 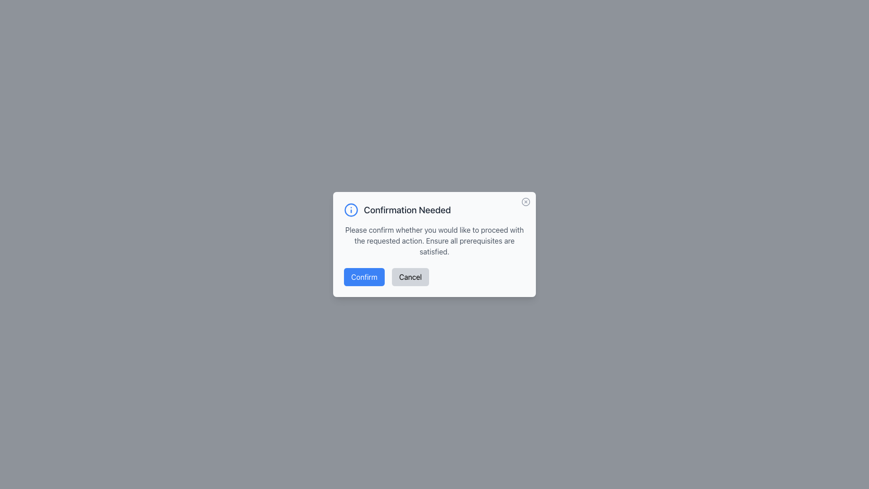 What do you see at coordinates (525, 201) in the screenshot?
I see `the close icon button located in the top-right corner of the dialog box titled 'Confirmation Needed'` at bounding box center [525, 201].